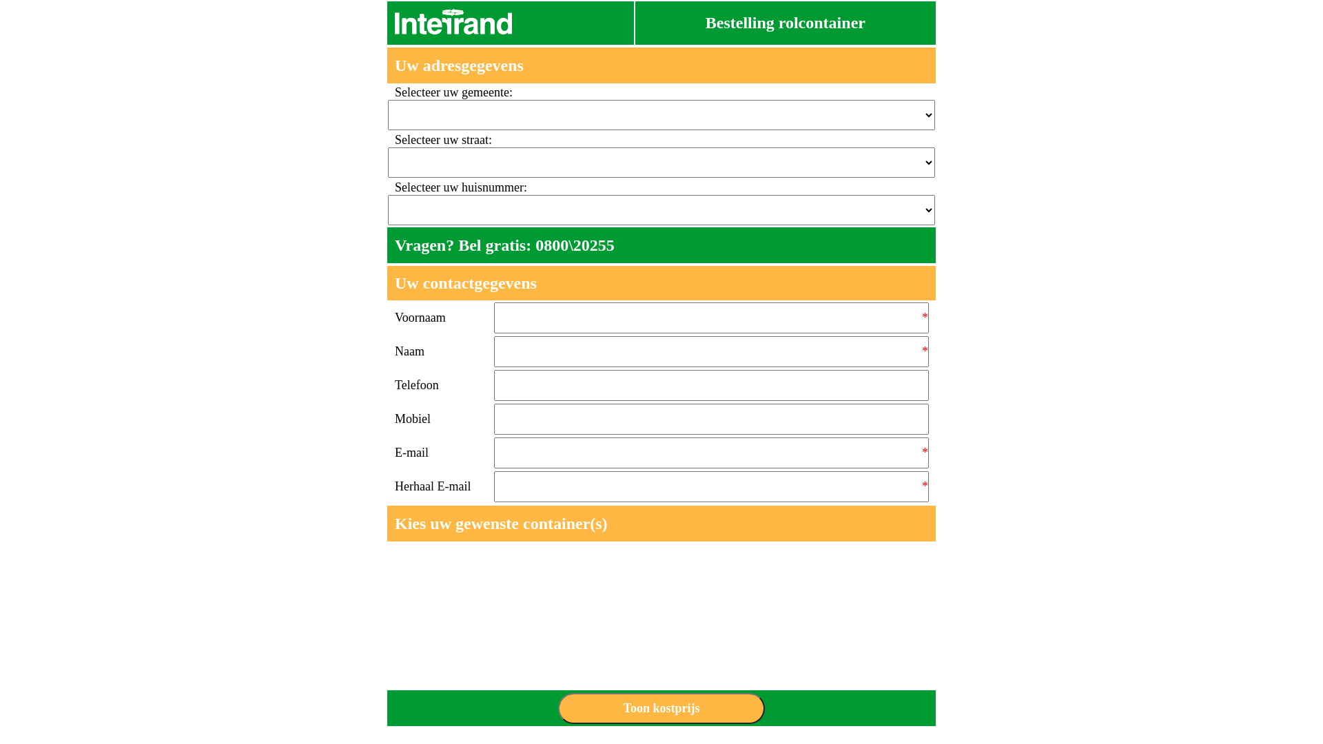  Describe the element at coordinates (661, 708) in the screenshot. I see `'Toon kostprijs'` at that location.